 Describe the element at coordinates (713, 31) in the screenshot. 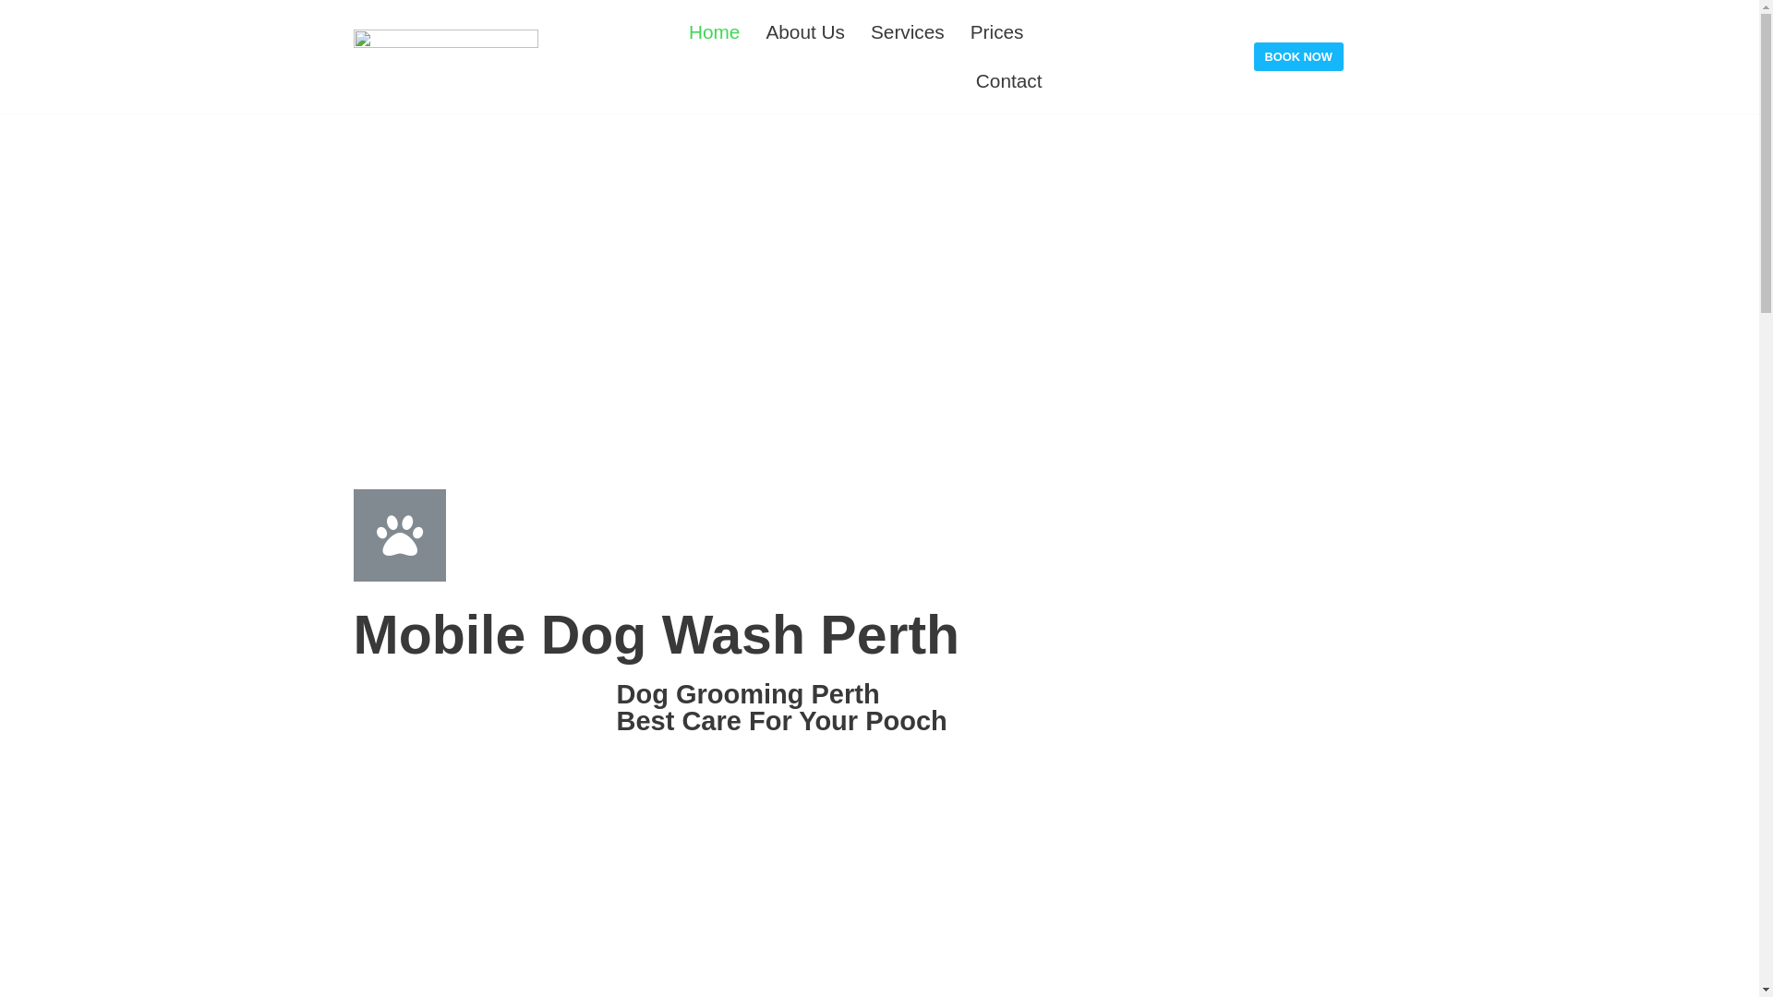

I see `'Home'` at that location.